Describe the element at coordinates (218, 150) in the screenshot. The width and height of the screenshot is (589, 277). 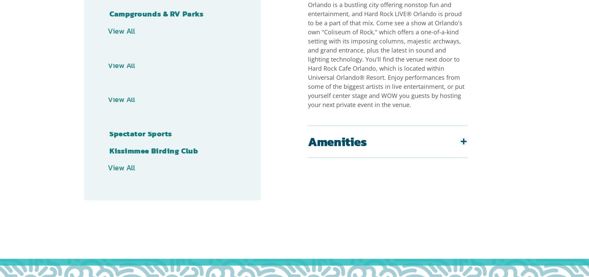
I see `'Receive Exclusive Kissimmee Offers Straight to Your Inbox'` at that location.